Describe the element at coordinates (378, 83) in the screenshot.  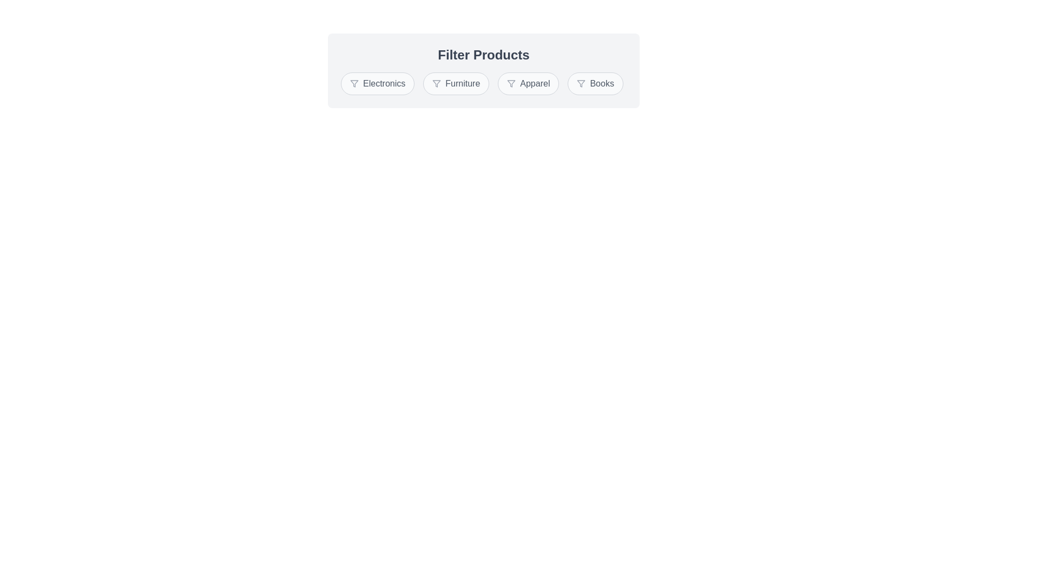
I see `the chip corresponding to the category Electronics` at that location.